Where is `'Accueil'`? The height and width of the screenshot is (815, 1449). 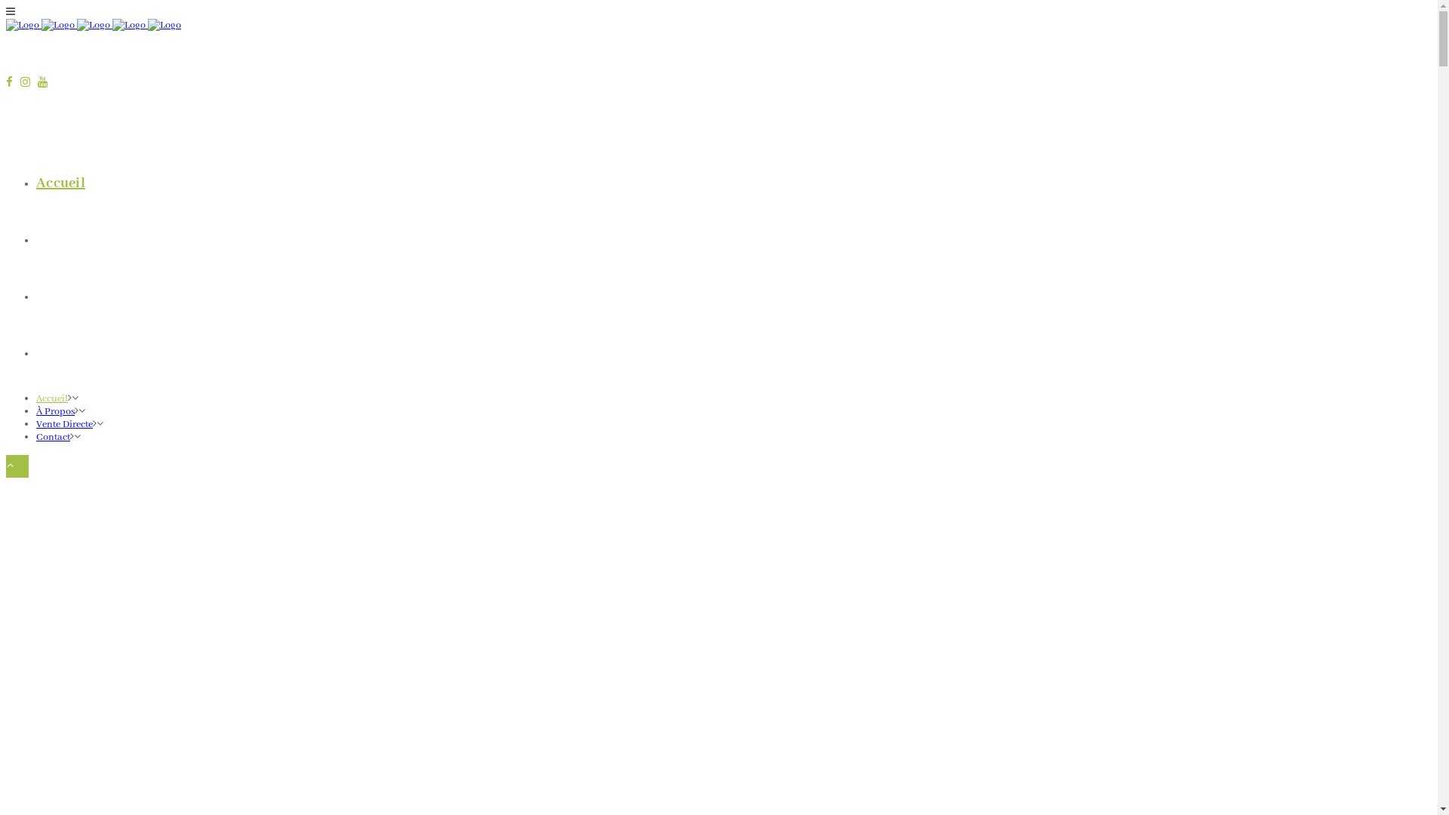
'Accueil' is located at coordinates (60, 183).